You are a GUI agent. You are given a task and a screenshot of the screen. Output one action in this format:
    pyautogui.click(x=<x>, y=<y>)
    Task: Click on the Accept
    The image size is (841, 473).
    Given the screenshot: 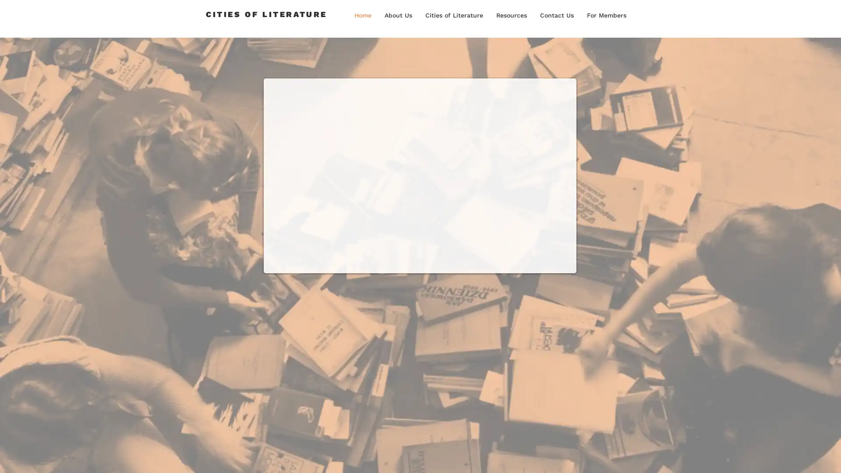 What is the action you would take?
    pyautogui.click(x=802, y=457)
    